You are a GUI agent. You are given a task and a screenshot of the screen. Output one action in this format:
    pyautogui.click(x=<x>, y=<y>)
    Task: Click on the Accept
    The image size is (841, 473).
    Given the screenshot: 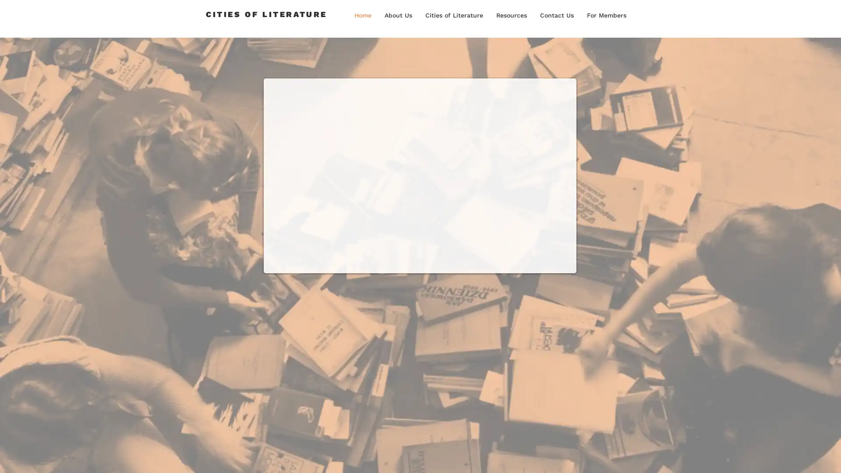 What is the action you would take?
    pyautogui.click(x=802, y=457)
    